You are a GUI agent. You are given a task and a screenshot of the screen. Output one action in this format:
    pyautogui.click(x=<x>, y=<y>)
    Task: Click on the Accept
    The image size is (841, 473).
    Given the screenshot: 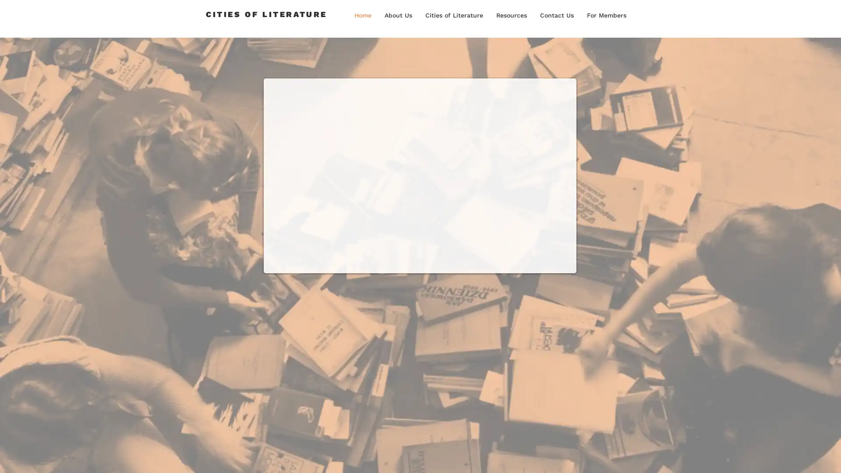 What is the action you would take?
    pyautogui.click(x=802, y=457)
    